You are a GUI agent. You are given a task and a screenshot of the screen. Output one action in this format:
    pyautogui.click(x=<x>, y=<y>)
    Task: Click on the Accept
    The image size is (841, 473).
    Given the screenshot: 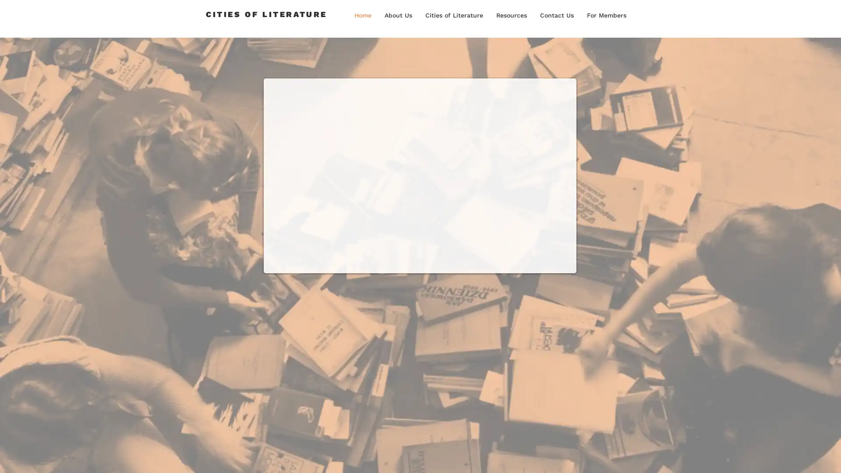 What is the action you would take?
    pyautogui.click(x=802, y=457)
    